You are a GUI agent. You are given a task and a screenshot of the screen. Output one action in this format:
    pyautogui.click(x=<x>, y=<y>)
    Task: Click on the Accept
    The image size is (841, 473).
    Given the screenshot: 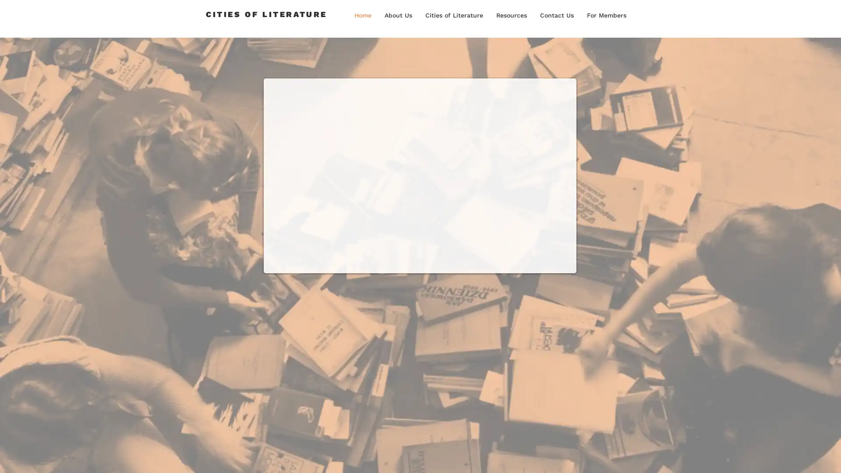 What is the action you would take?
    pyautogui.click(x=802, y=457)
    